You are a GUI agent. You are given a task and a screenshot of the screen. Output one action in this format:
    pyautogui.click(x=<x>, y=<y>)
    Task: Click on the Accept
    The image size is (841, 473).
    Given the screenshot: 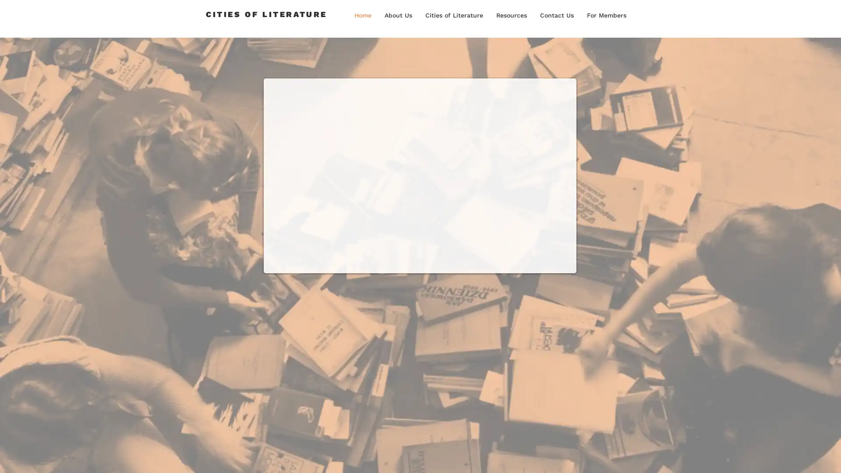 What is the action you would take?
    pyautogui.click(x=802, y=457)
    